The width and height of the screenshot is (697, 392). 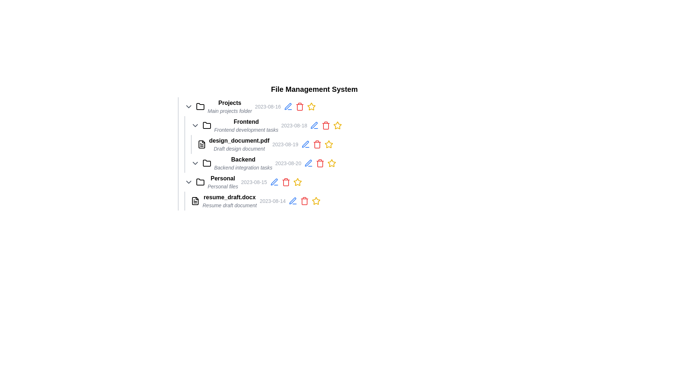 I want to click on the folder icon representing a folder in the file management system, so click(x=200, y=181).